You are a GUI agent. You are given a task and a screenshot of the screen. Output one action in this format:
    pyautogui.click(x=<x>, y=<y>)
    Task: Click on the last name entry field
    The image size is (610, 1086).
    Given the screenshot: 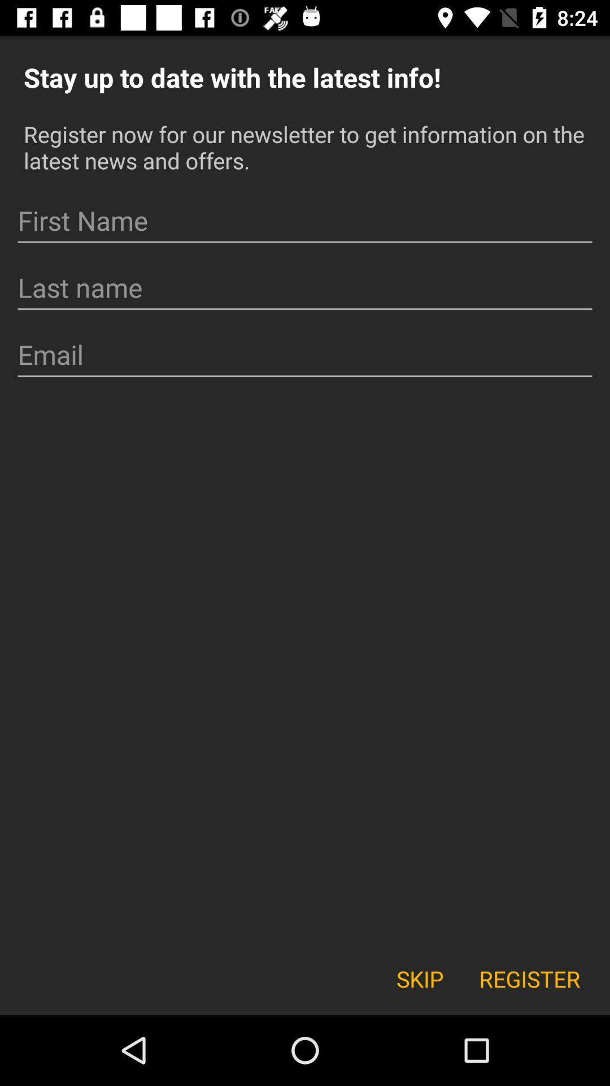 What is the action you would take?
    pyautogui.click(x=305, y=288)
    